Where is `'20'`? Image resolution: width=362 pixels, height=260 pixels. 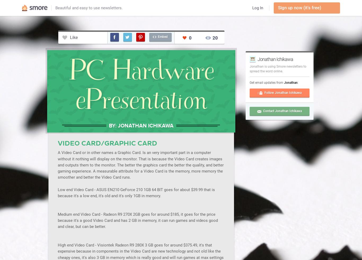 '20' is located at coordinates (214, 37).